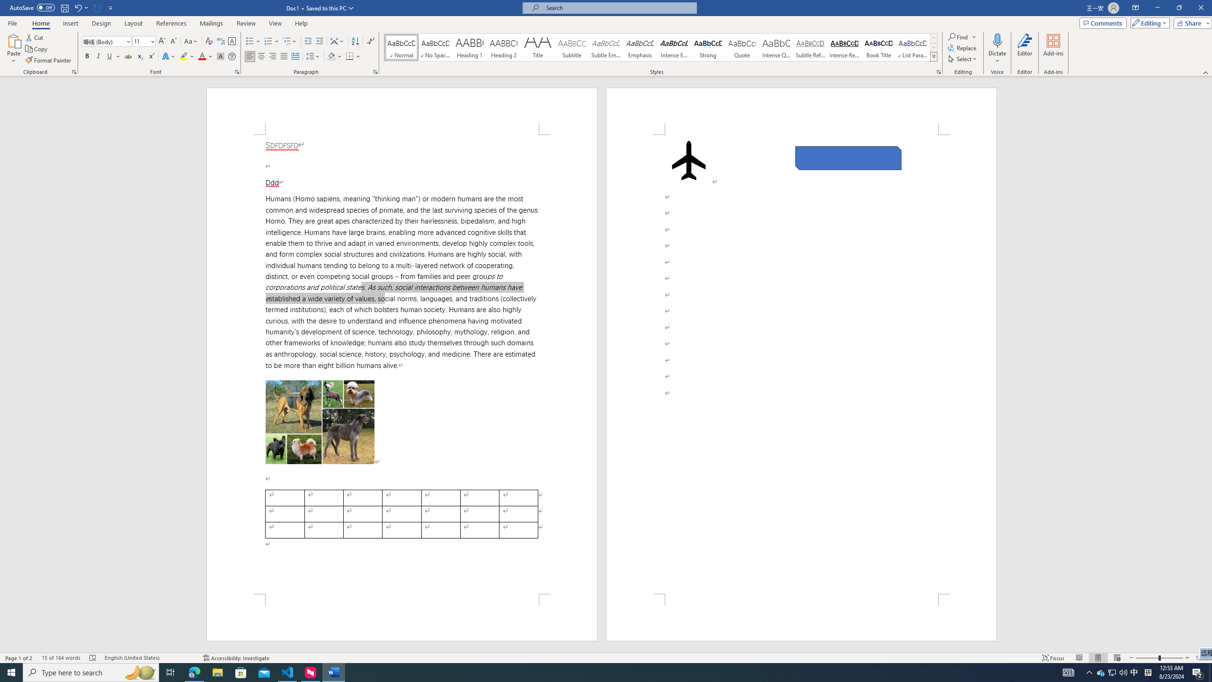 The height and width of the screenshot is (682, 1212). I want to click on 'Editor', so click(1025, 49).